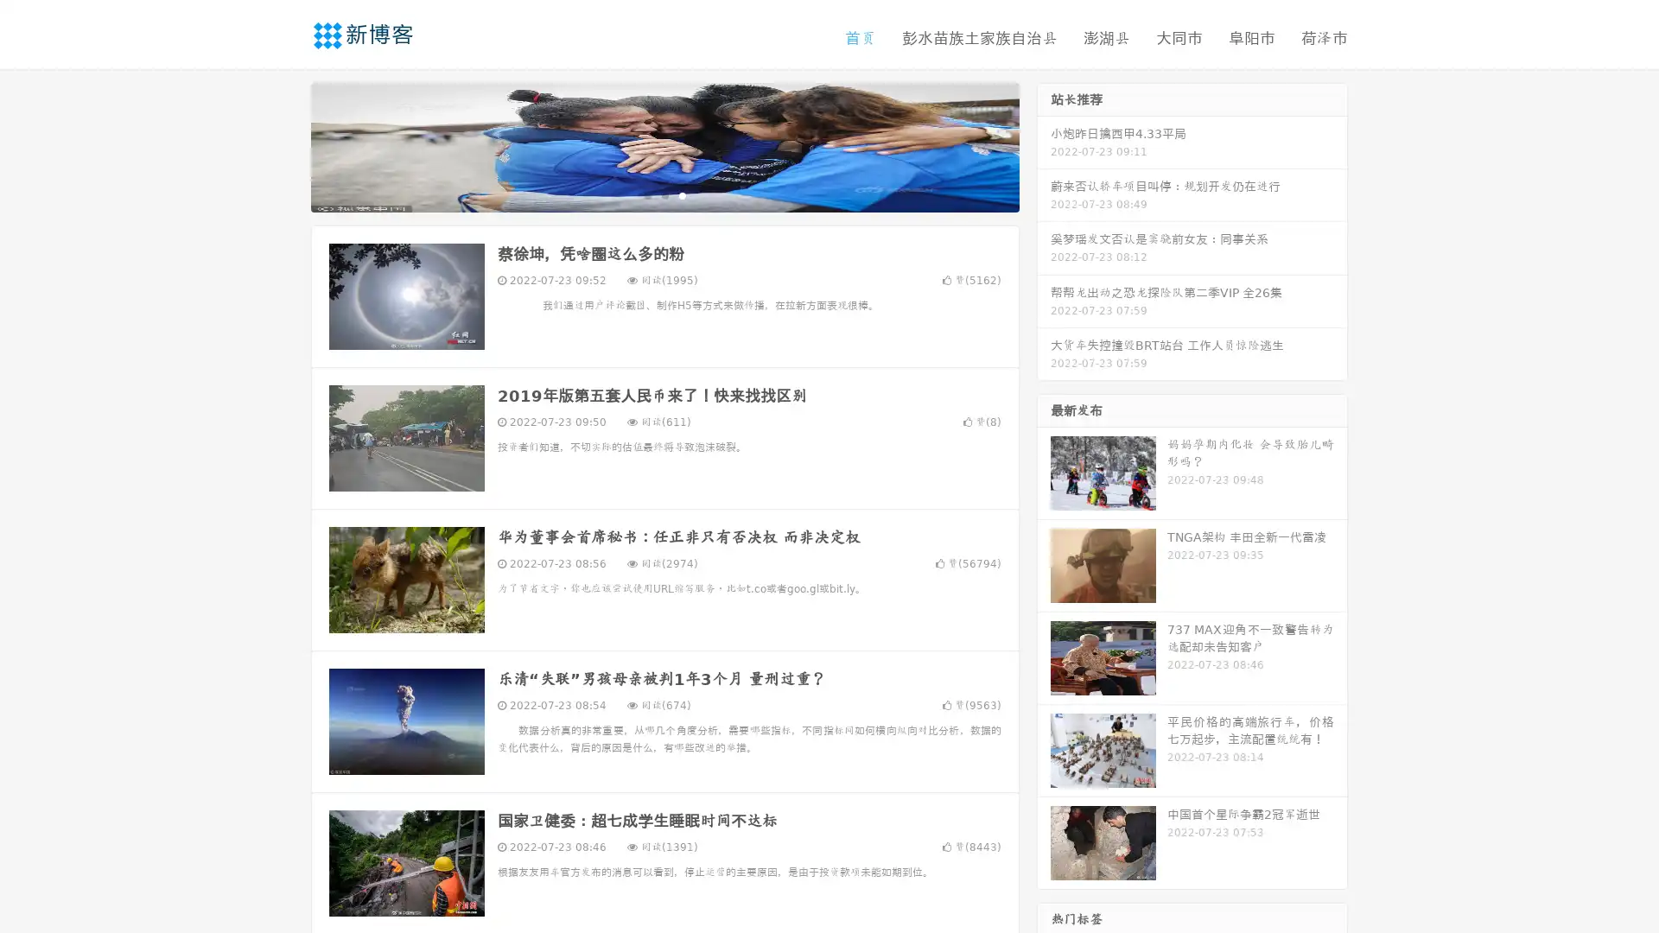  I want to click on Go to slide 2, so click(664, 194).